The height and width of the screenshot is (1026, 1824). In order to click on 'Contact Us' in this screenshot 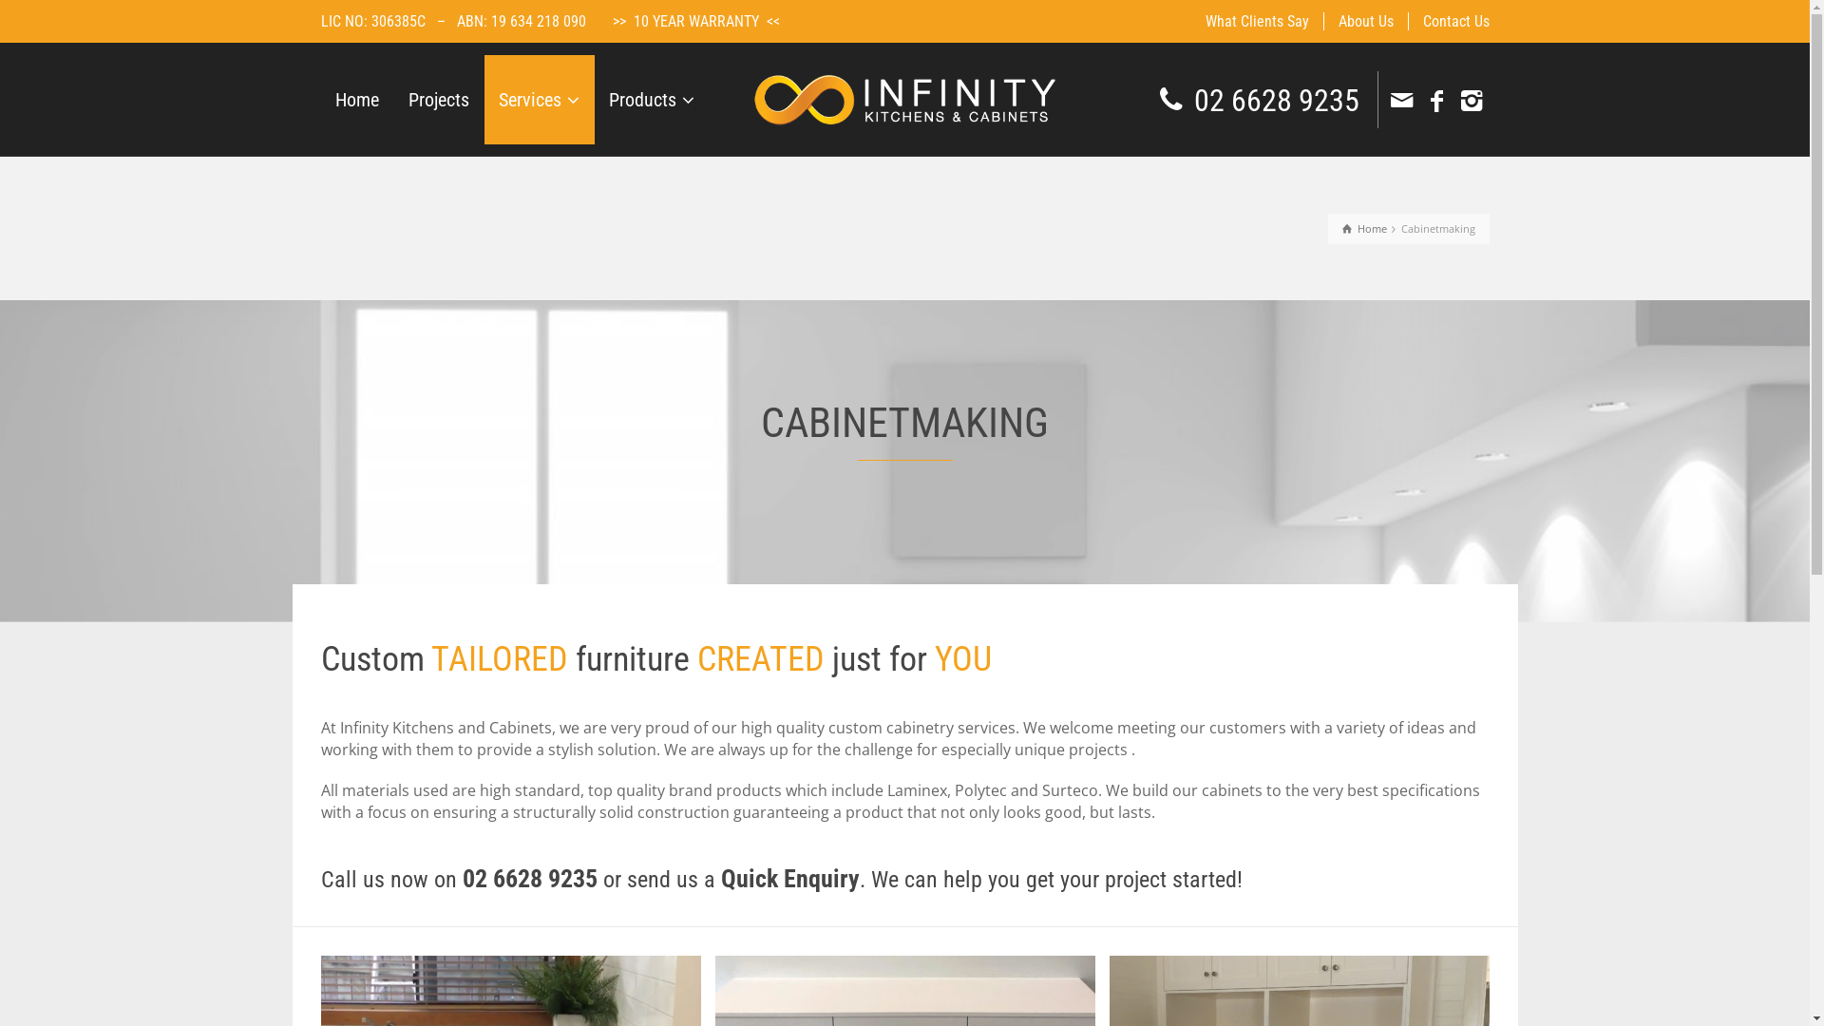, I will do `click(1447, 21)`.